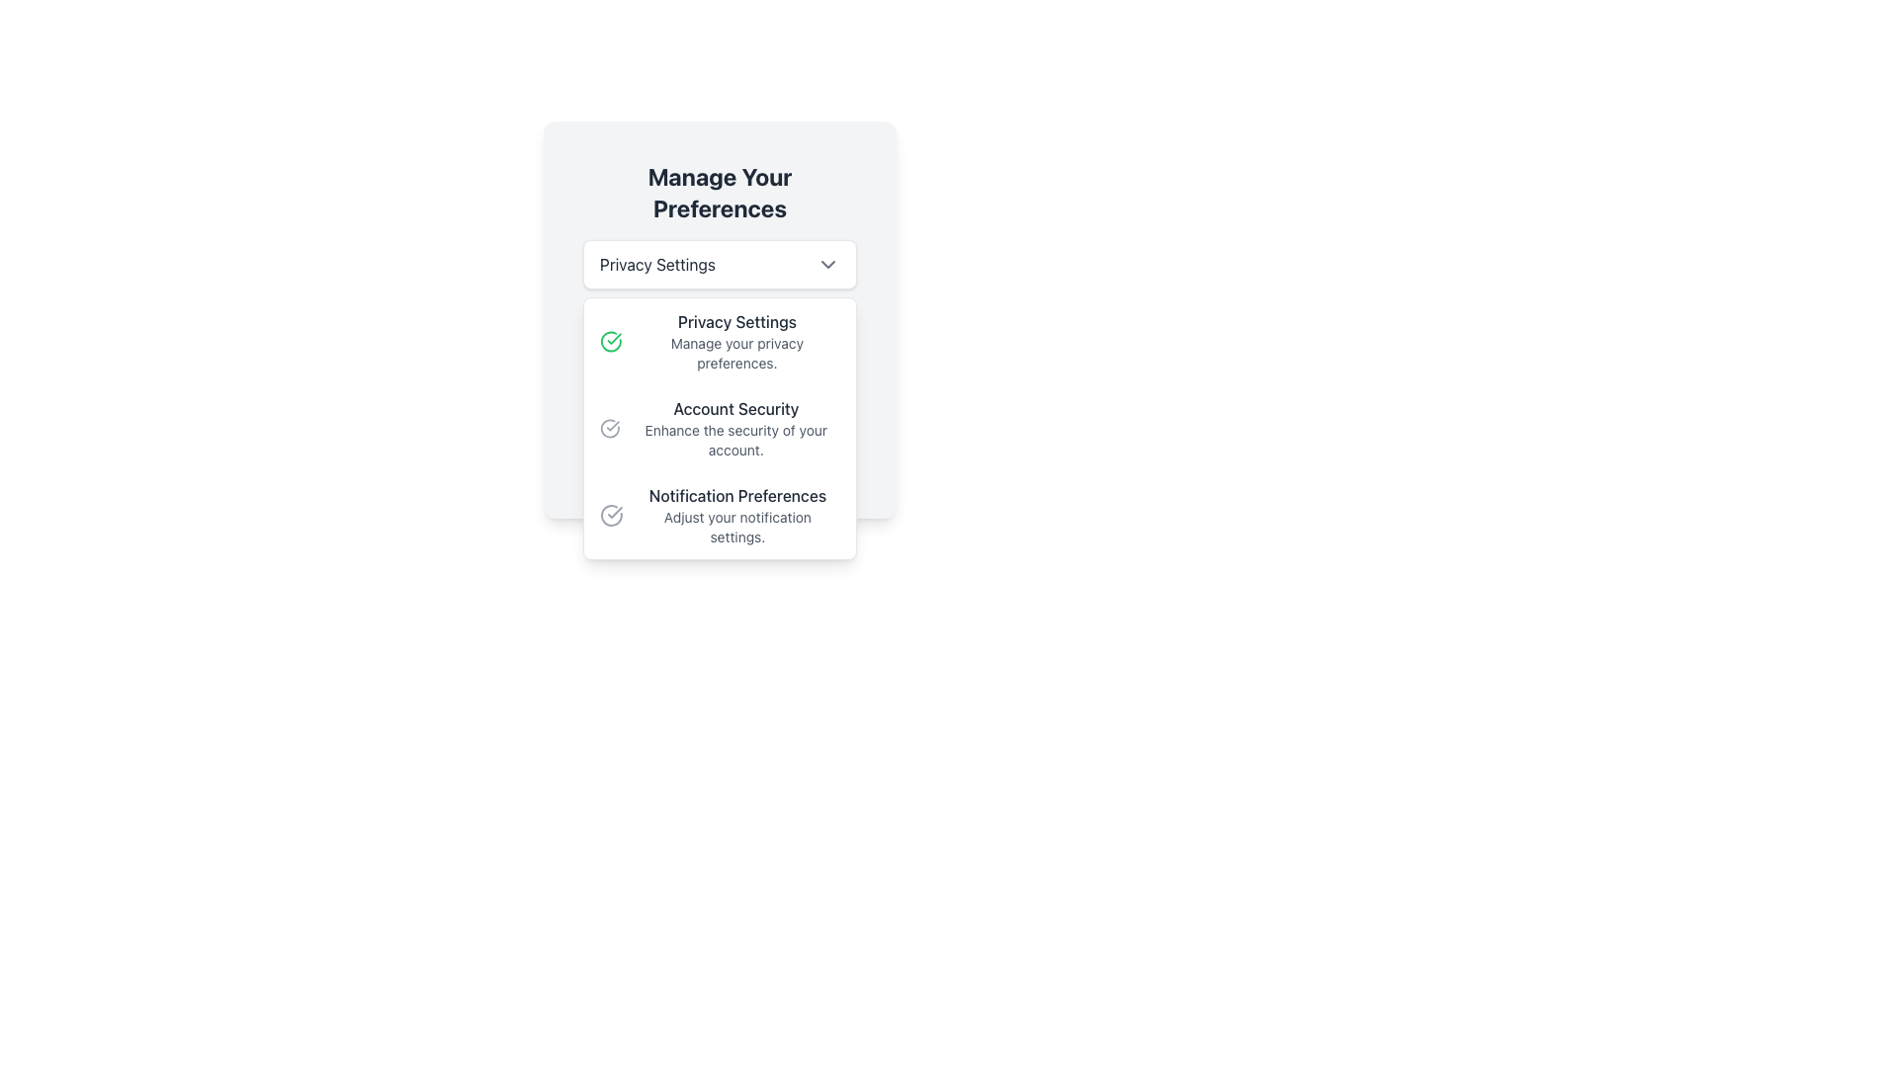  What do you see at coordinates (719, 341) in the screenshot?
I see `the first menu option for managing privacy-related settings, located below the heading 'Manage Your Preferences'` at bounding box center [719, 341].